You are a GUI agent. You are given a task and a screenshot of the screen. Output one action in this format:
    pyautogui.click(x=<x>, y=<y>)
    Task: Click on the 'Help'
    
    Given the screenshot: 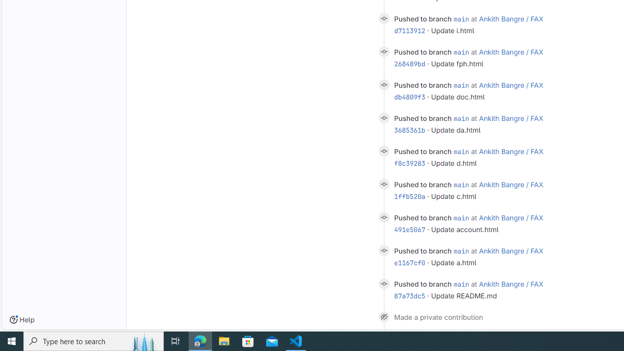 What is the action you would take?
    pyautogui.click(x=22, y=319)
    